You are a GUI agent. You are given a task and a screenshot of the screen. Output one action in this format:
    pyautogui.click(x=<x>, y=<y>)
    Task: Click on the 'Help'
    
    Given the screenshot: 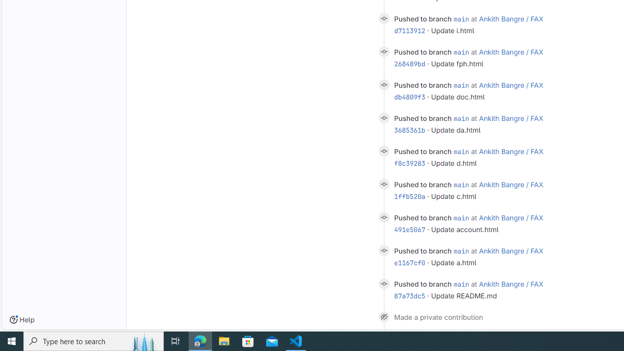 What is the action you would take?
    pyautogui.click(x=22, y=319)
    